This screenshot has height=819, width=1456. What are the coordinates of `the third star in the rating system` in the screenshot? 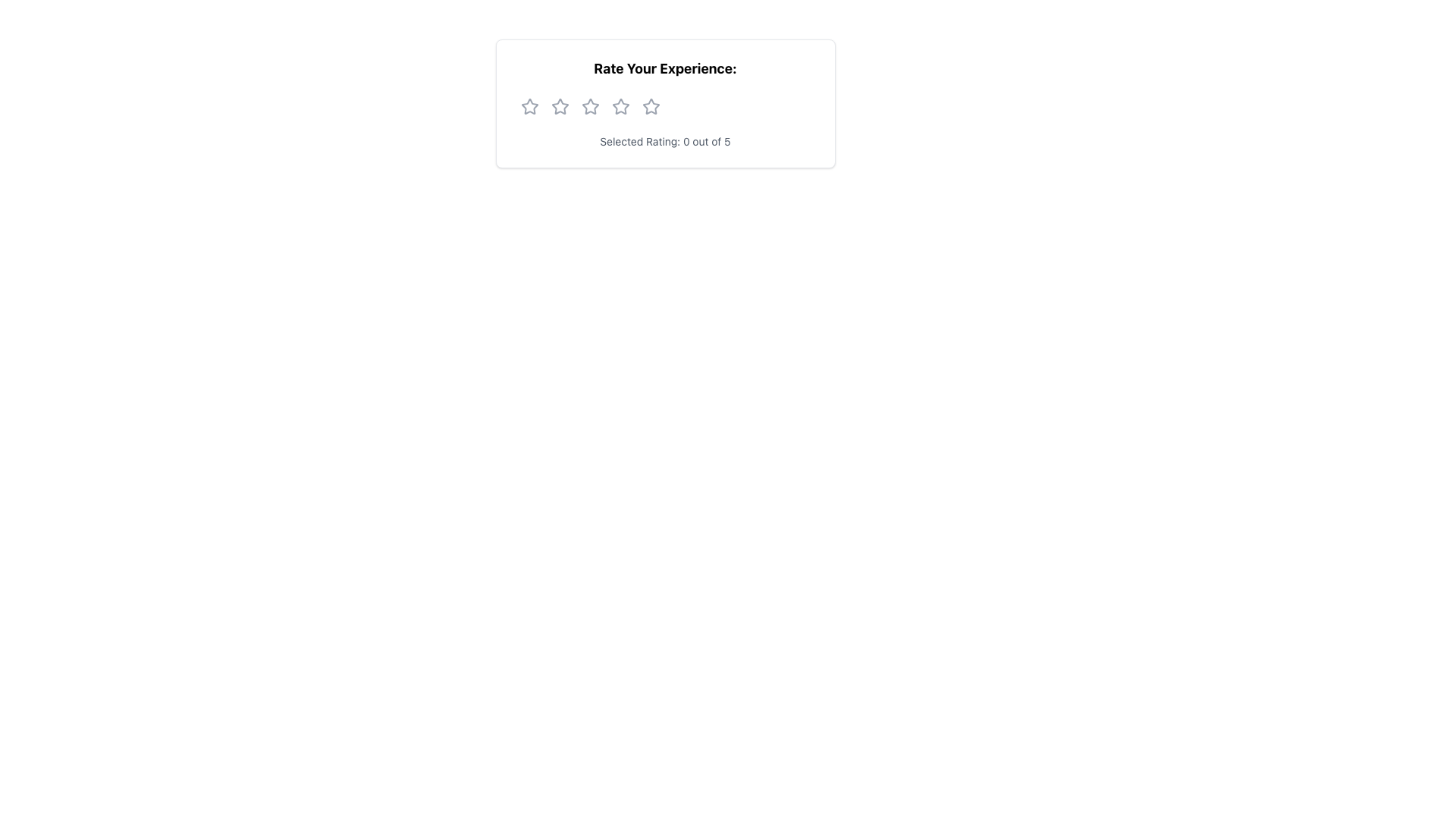 It's located at (620, 105).